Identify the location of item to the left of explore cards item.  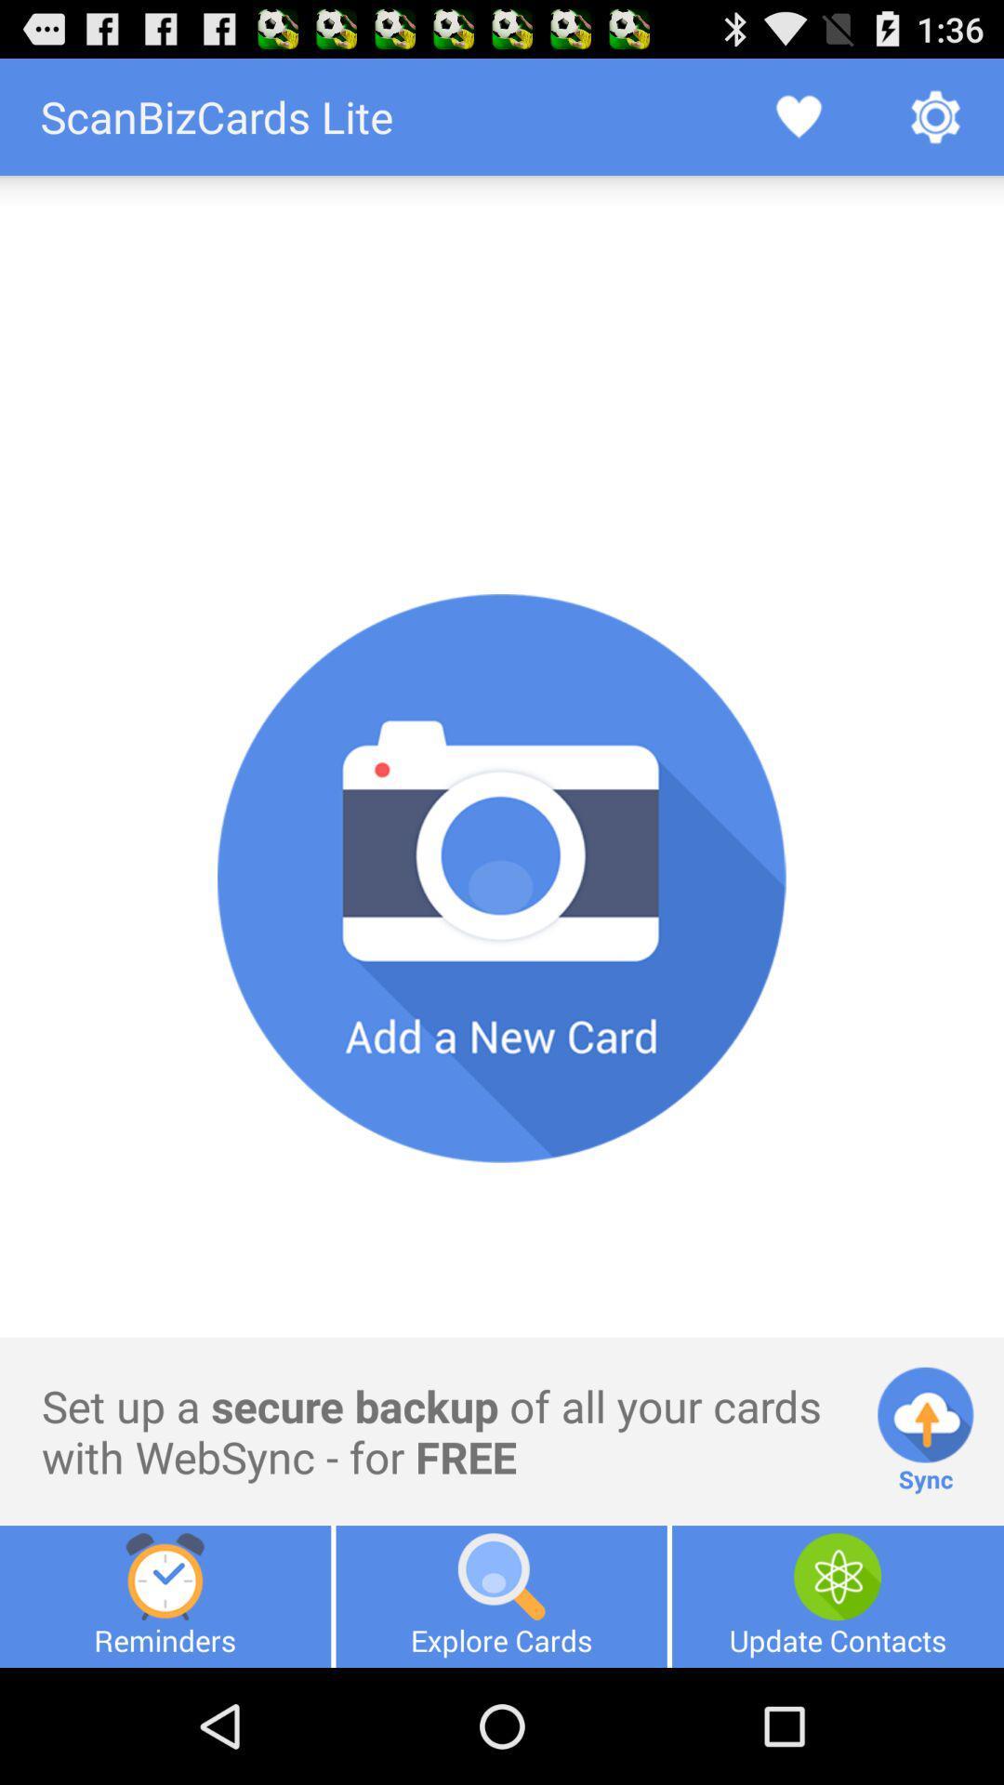
(165, 1595).